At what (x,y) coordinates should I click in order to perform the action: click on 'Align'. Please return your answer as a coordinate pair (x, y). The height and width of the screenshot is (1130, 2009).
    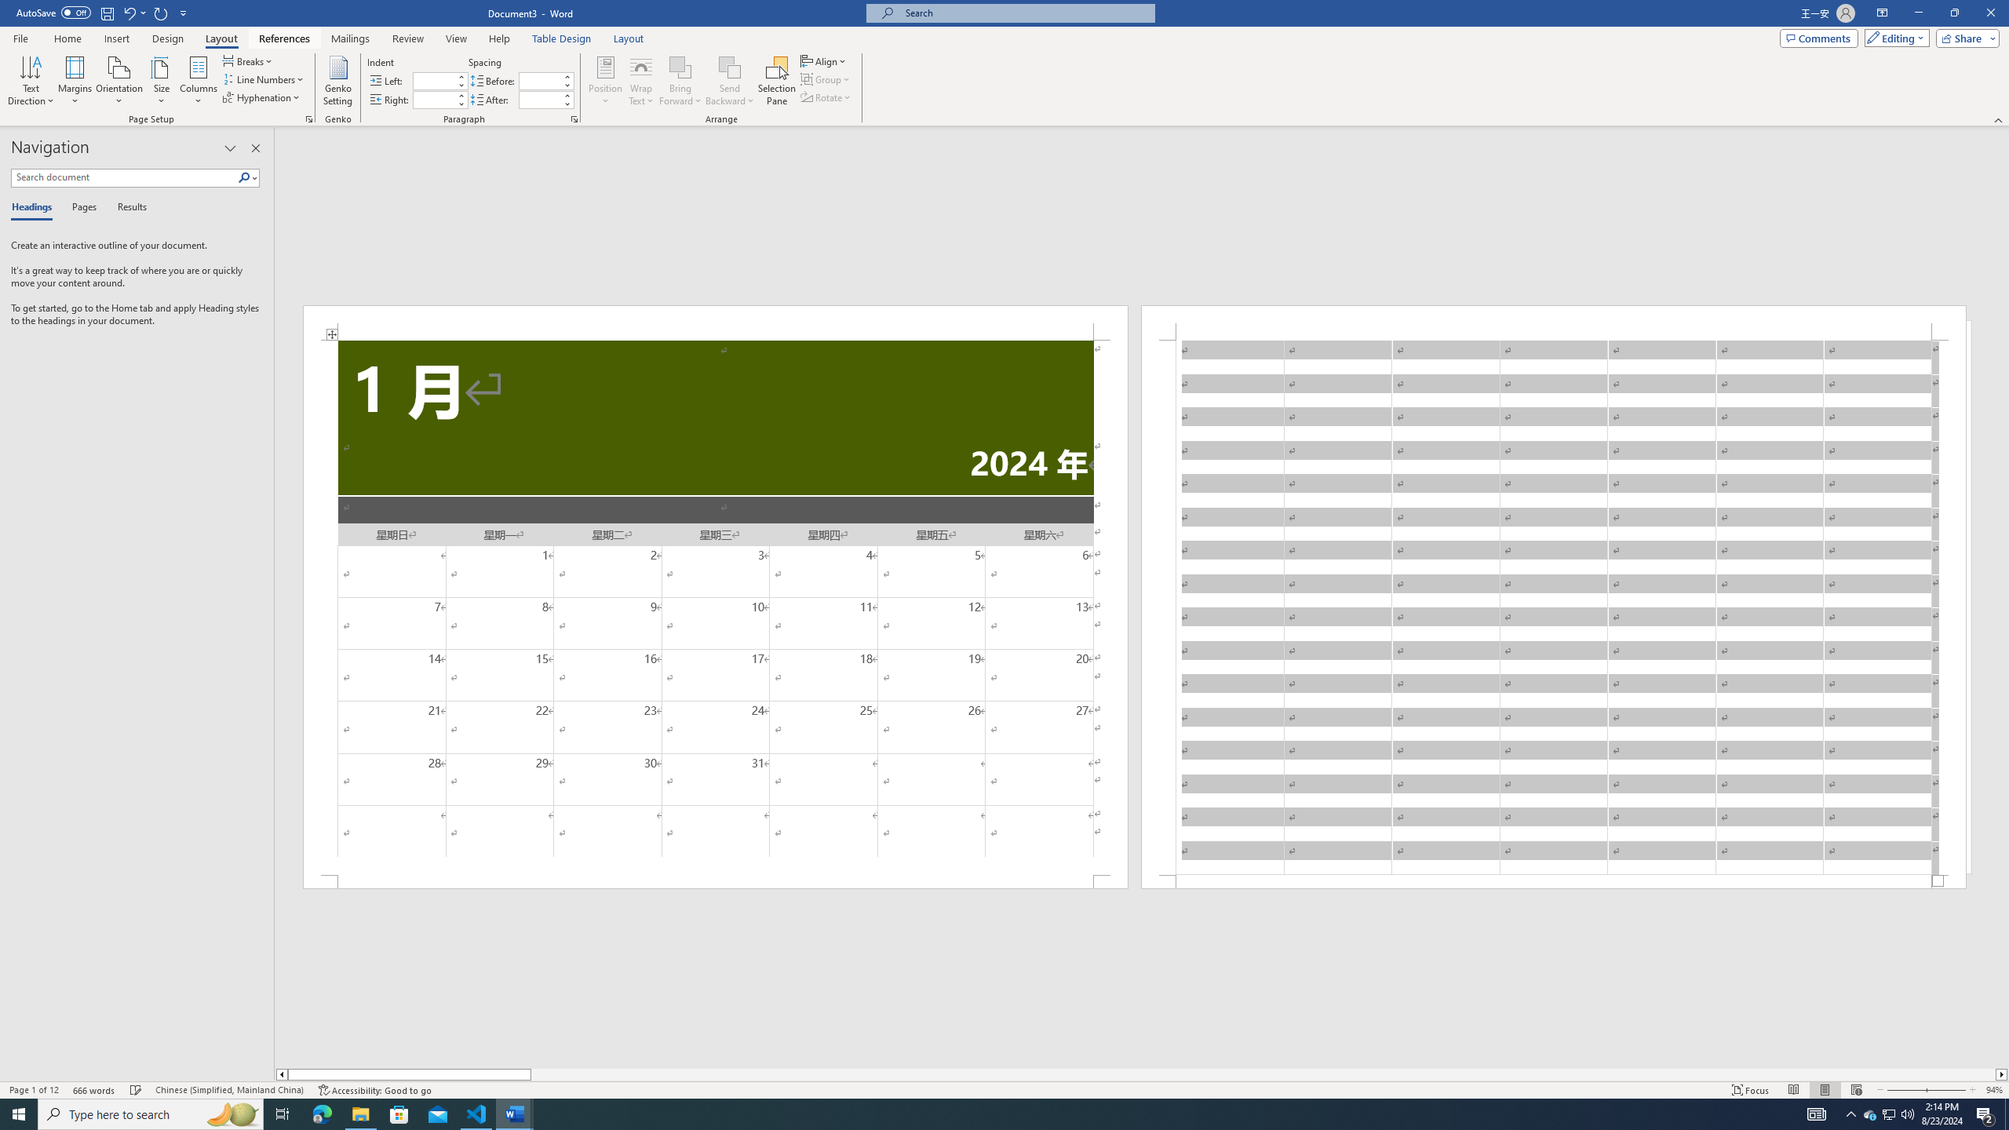
    Looking at the image, I should click on (823, 60).